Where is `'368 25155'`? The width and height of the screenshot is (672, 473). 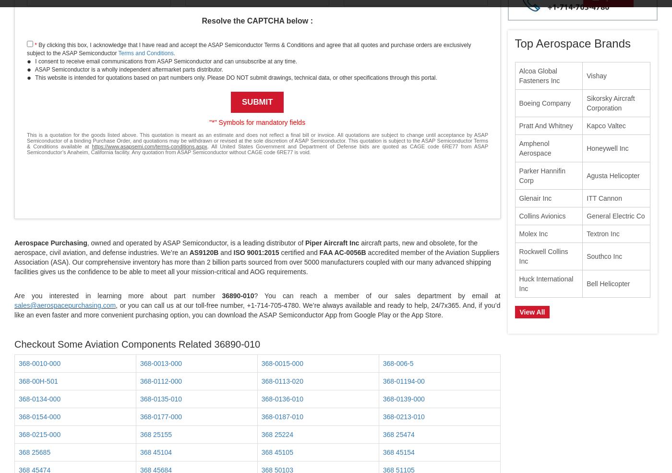
'368 25155' is located at coordinates (156, 435).